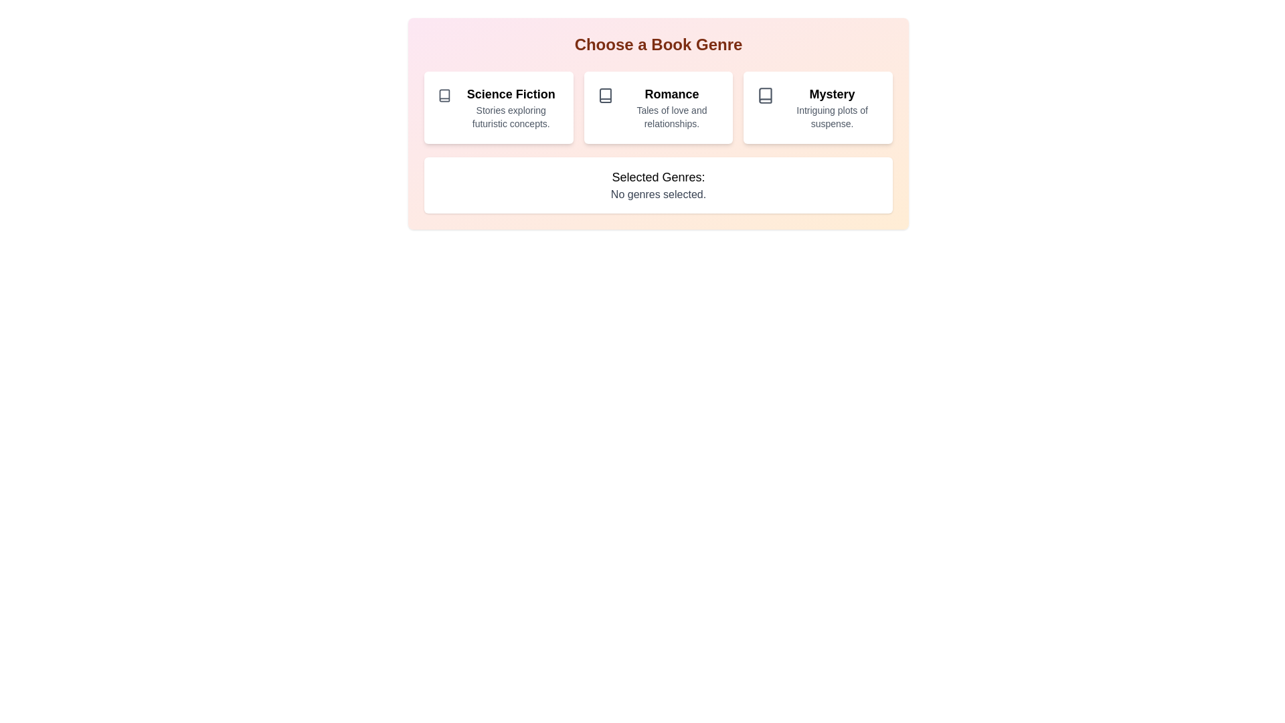 This screenshot has width=1285, height=723. What do you see at coordinates (510, 116) in the screenshot?
I see `the text element displaying 'Stories exploring futuristic concepts.' which is positioned below the 'Science Fiction' heading in the genre selection card` at bounding box center [510, 116].